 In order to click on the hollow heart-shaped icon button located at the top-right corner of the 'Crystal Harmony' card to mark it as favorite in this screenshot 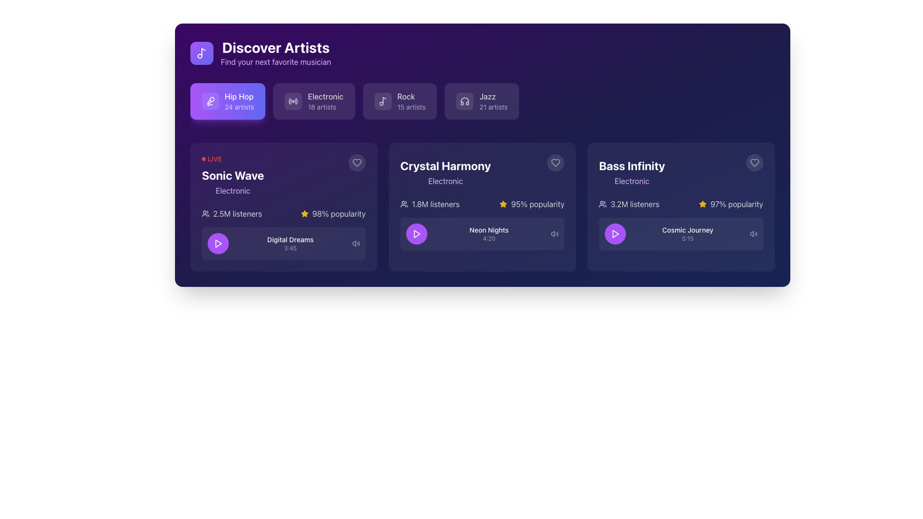, I will do `click(556, 162)`.